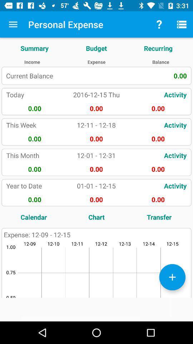  I want to click on the item next to summary, so click(96, 48).